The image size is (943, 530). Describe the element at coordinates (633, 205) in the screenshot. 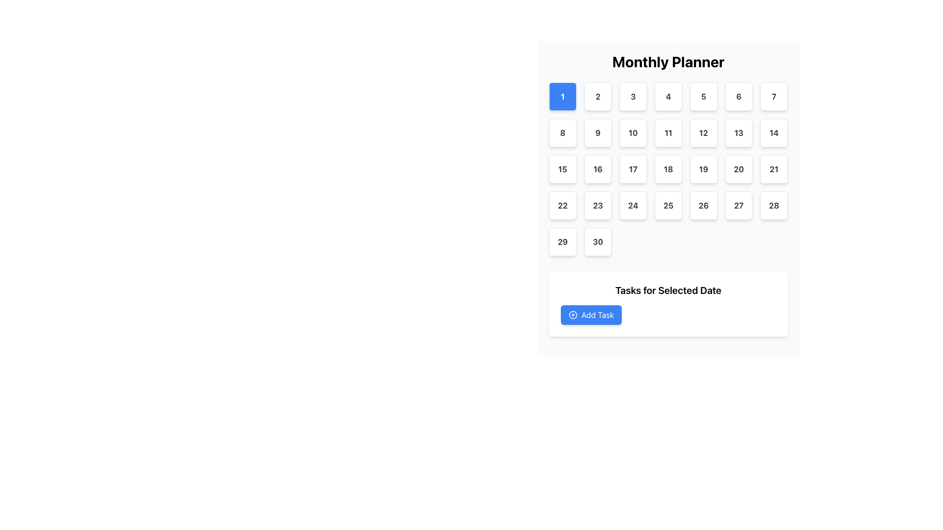

I see `the interactive day cell button representing the date '24' in the calendar grid layout` at that location.